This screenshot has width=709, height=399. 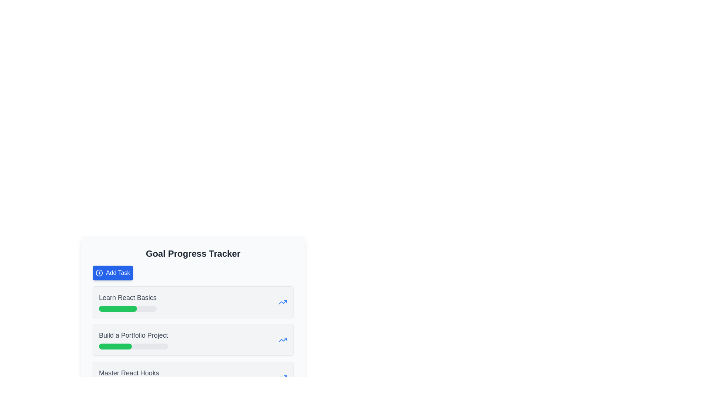 I want to click on the text label displaying 'Build a Portfolio Project', which is located in the second goal card below 'Learn React Basics' and above 'Master React Hooks', so click(x=133, y=335).